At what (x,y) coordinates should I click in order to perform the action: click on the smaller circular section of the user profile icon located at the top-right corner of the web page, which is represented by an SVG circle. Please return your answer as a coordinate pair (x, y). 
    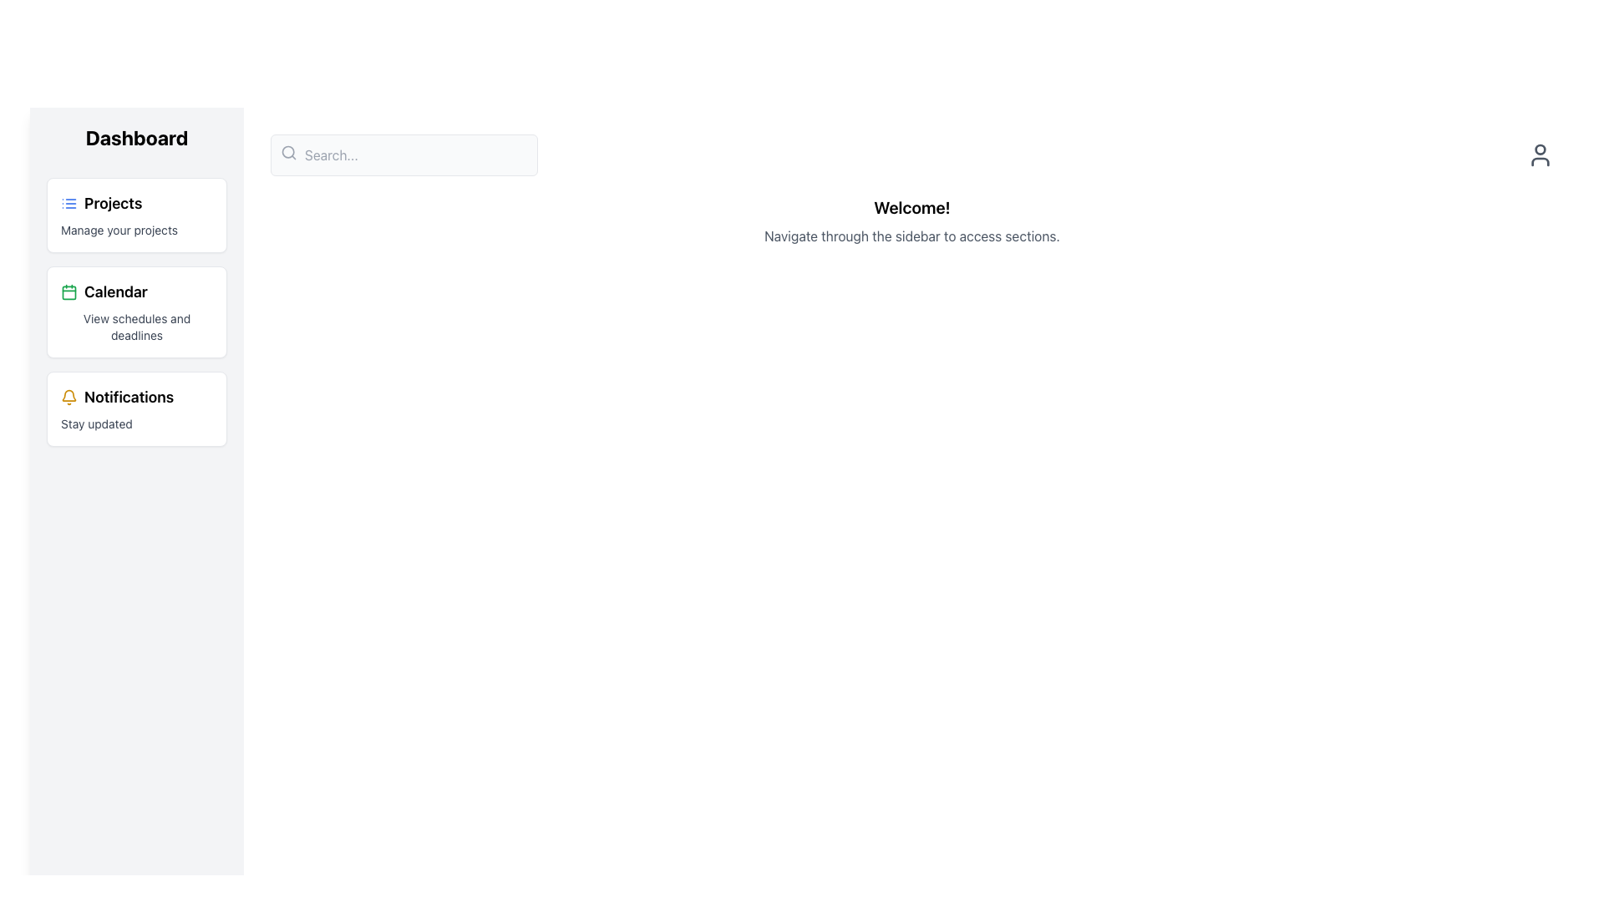
    Looking at the image, I should click on (1539, 148).